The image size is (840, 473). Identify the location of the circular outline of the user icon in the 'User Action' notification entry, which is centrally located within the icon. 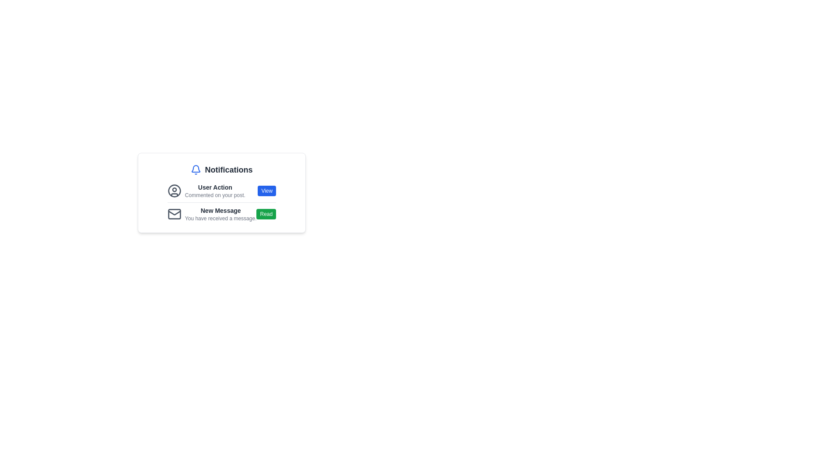
(174, 190).